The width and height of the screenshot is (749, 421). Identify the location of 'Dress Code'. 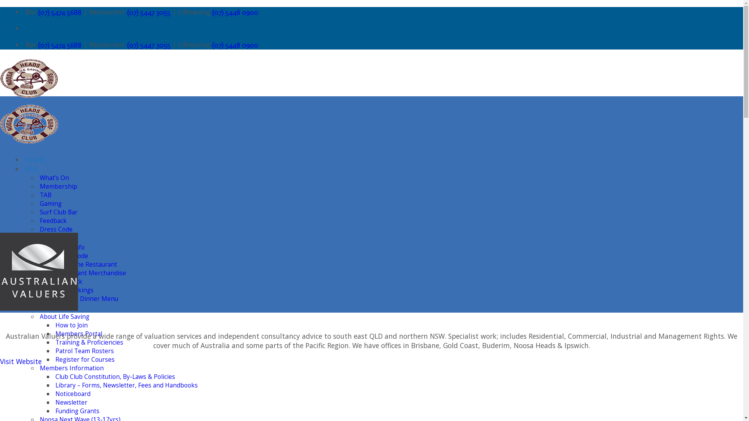
(56, 228).